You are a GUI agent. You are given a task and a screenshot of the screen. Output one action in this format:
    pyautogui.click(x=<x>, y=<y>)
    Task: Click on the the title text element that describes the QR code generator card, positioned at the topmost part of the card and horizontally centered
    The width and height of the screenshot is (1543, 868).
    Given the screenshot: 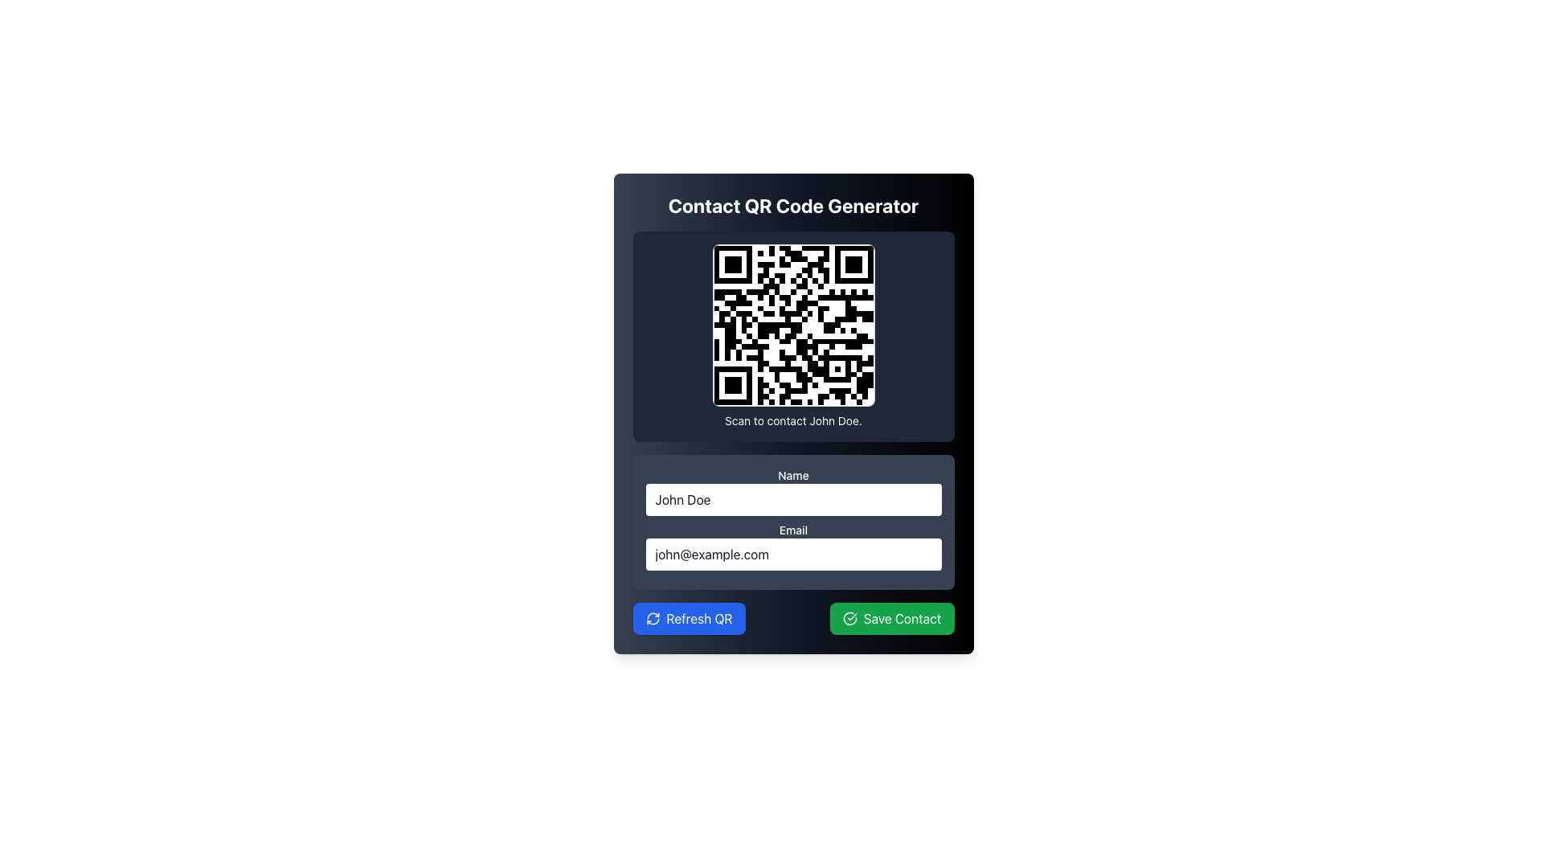 What is the action you would take?
    pyautogui.click(x=793, y=204)
    